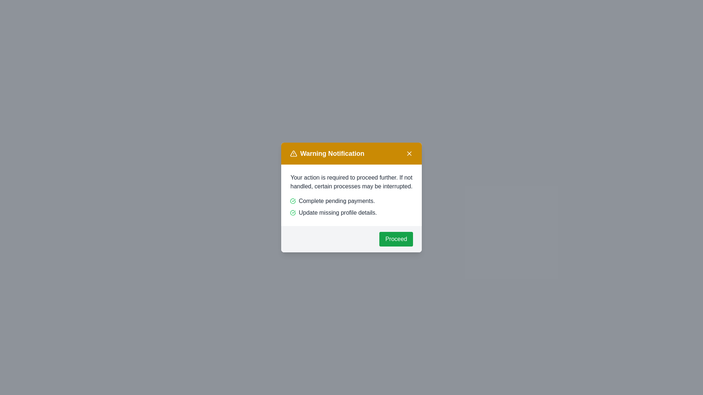 The width and height of the screenshot is (703, 395). I want to click on the warning notification header located at the top of the notification box by moving the cursor to its center point, so click(351, 153).